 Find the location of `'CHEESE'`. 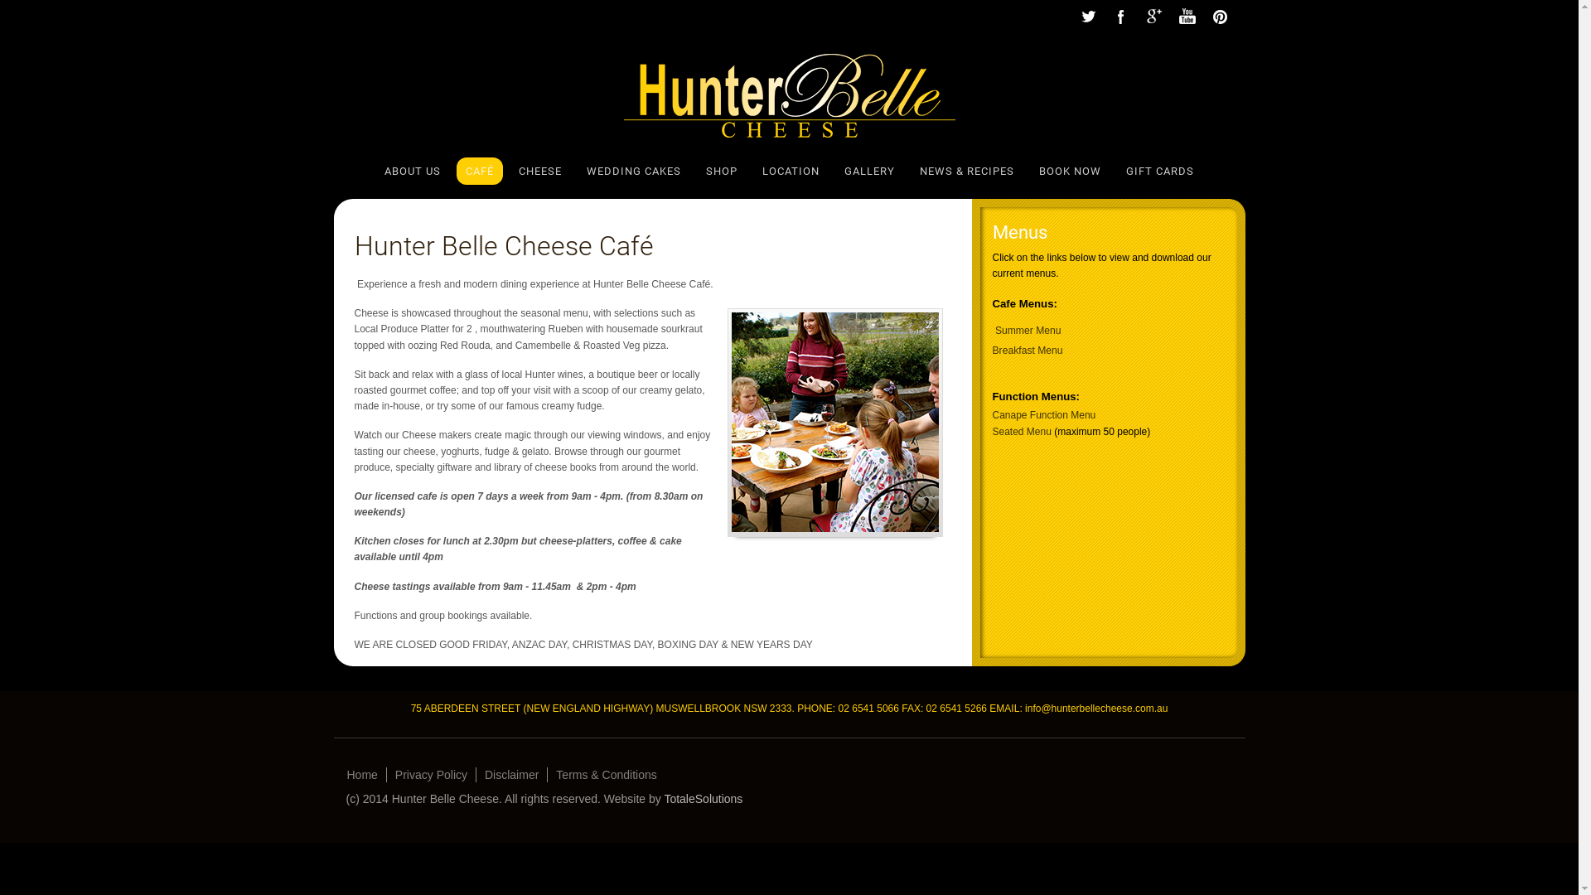

'CHEESE' is located at coordinates (540, 171).